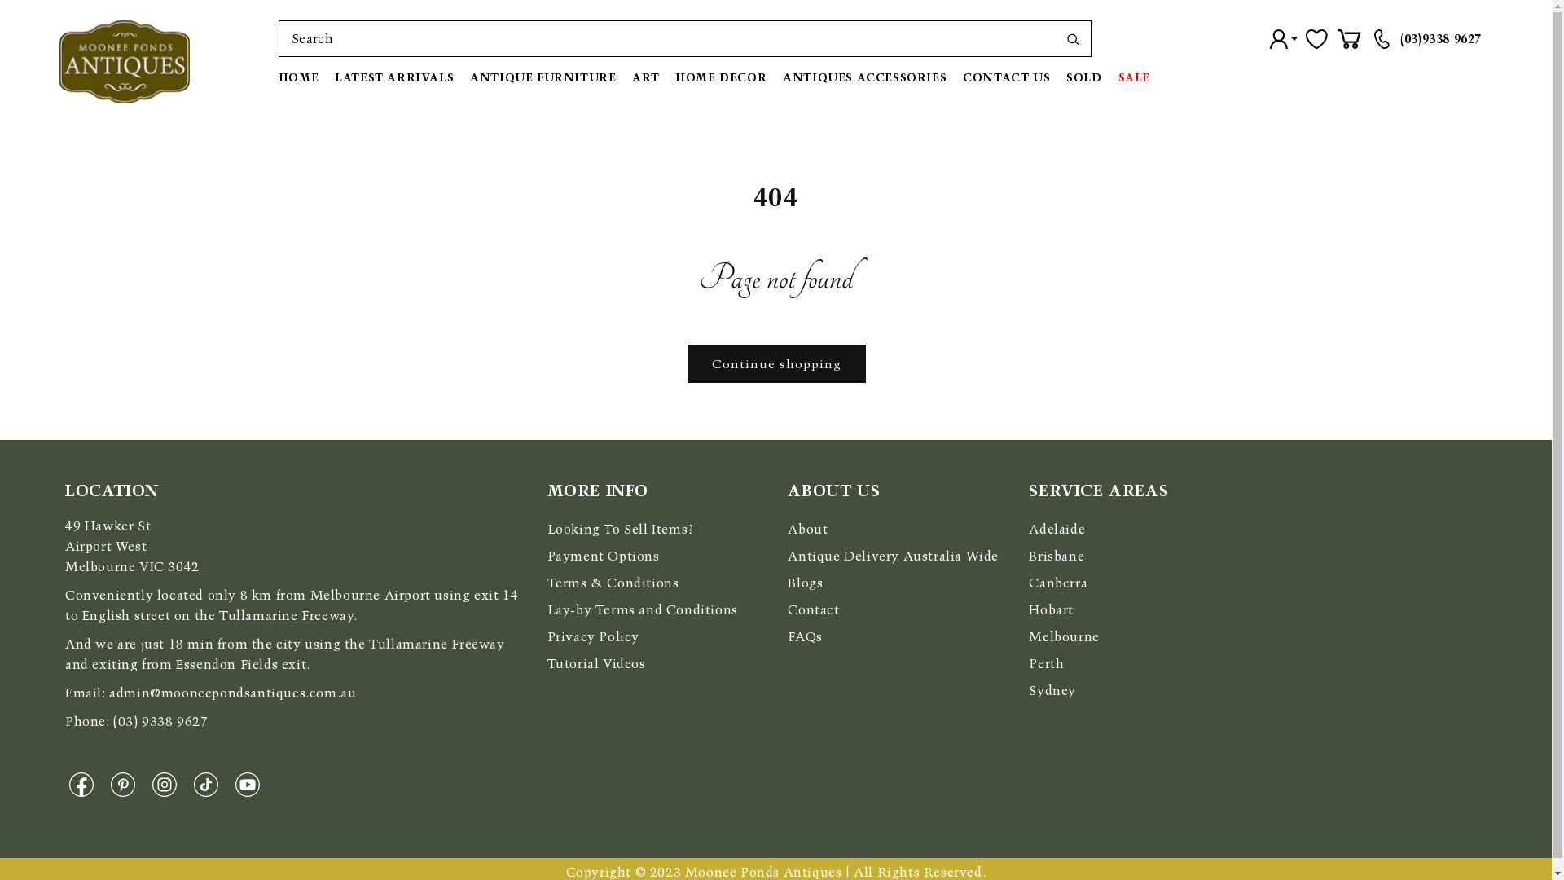 This screenshot has width=1564, height=880. Describe the element at coordinates (126, 784) in the screenshot. I see `'Pinterest'` at that location.